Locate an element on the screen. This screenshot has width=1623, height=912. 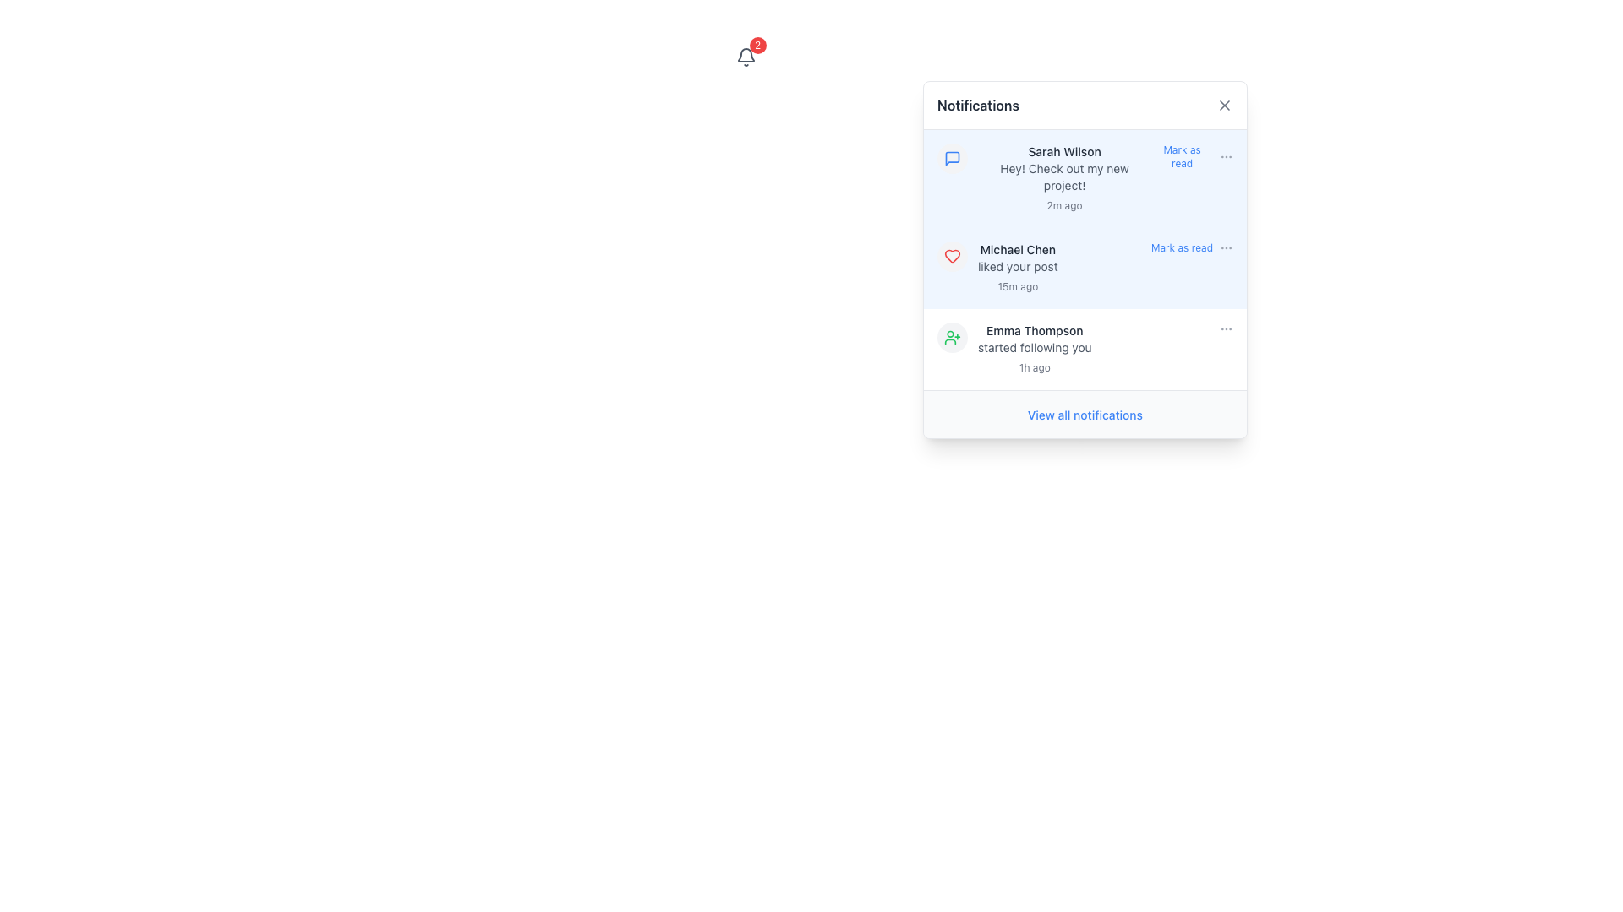
the third notification entry in the dropdown panel is located at coordinates (1106, 348).